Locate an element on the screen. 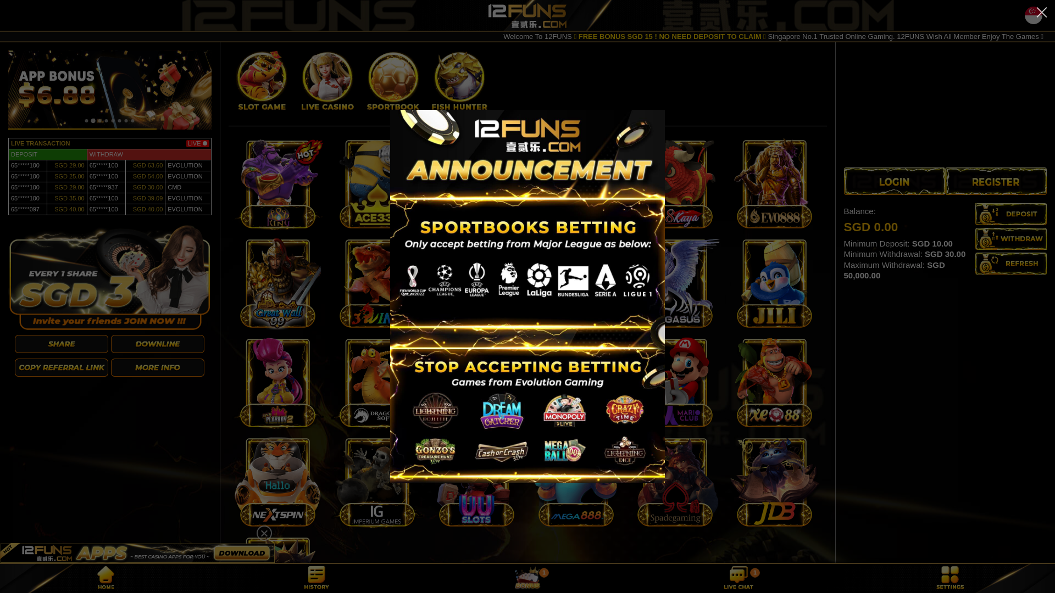 Image resolution: width=1055 pixels, height=593 pixels. 'REFRESH' is located at coordinates (975, 263).